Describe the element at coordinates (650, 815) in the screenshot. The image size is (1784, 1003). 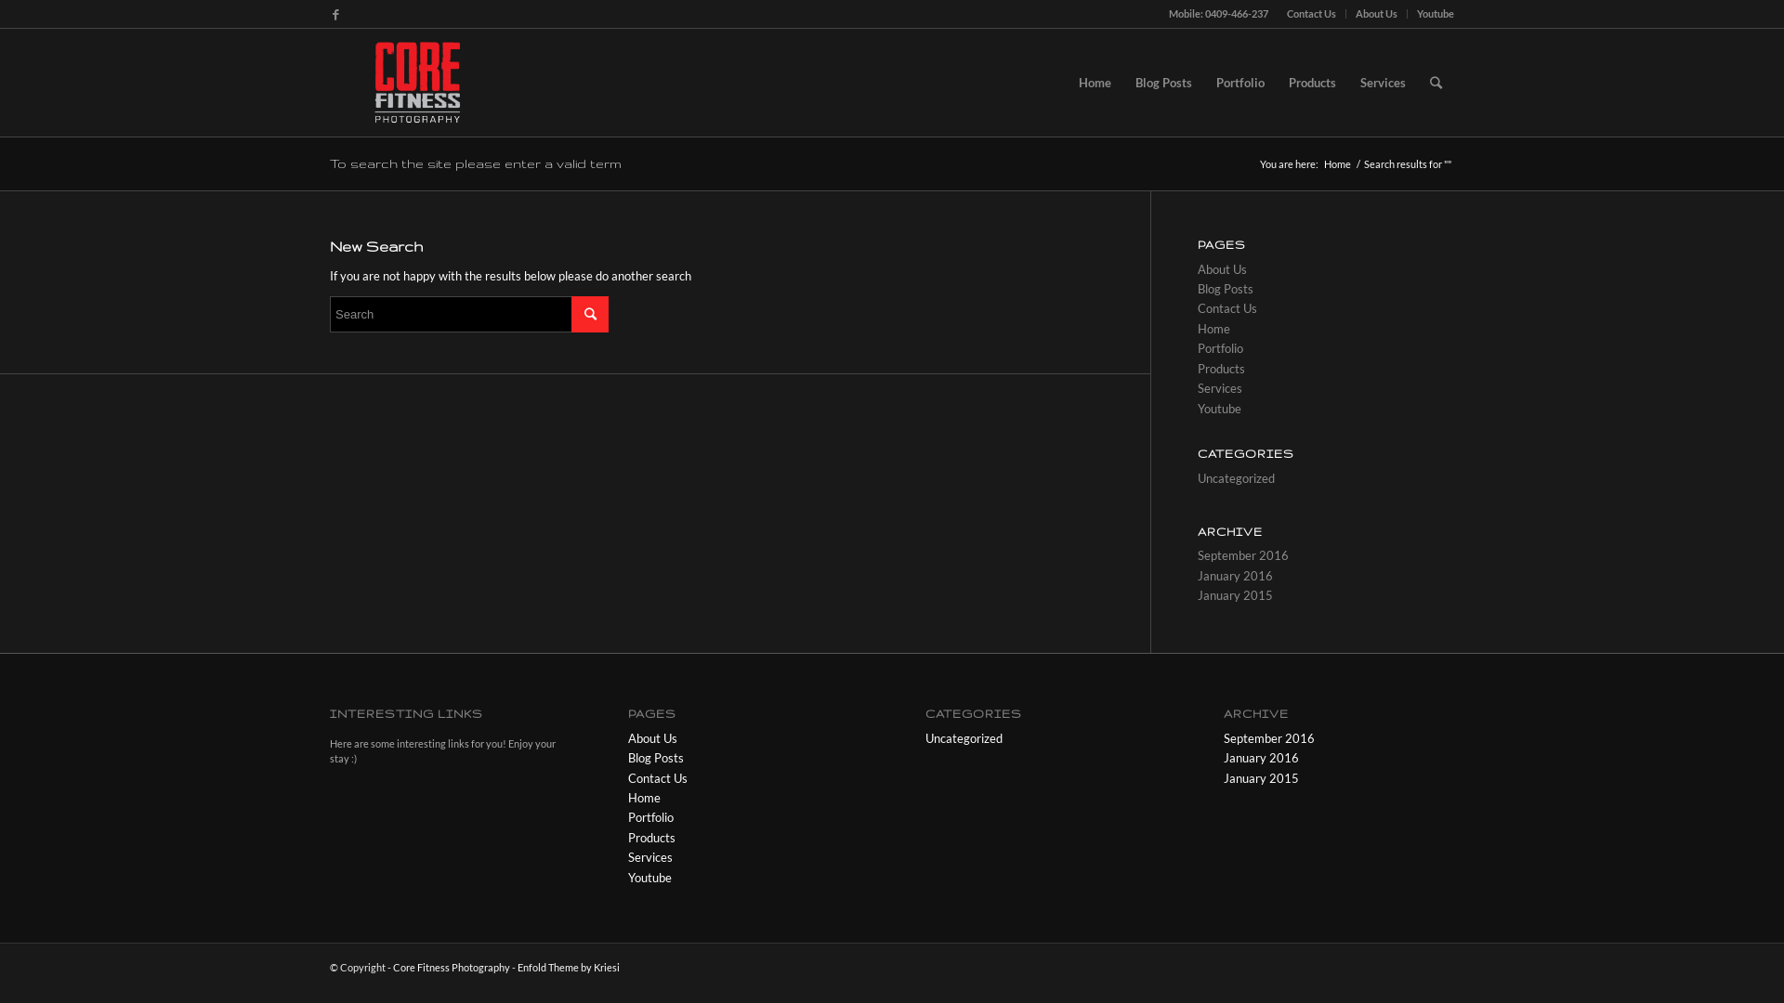
I see `'Portfolio'` at that location.